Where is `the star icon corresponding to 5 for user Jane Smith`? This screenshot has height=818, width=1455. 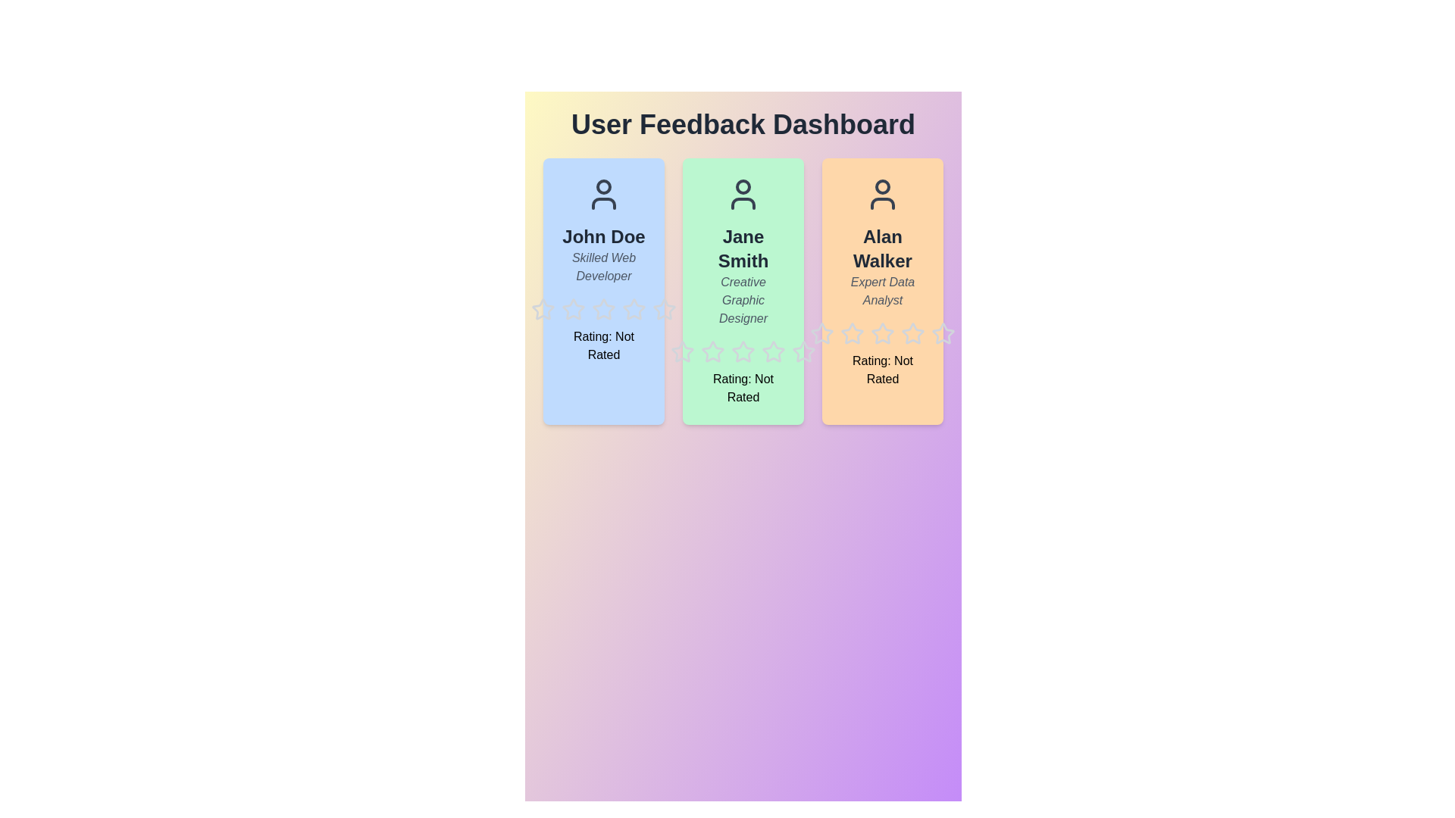
the star icon corresponding to 5 for user Jane Smith is located at coordinates (791, 339).